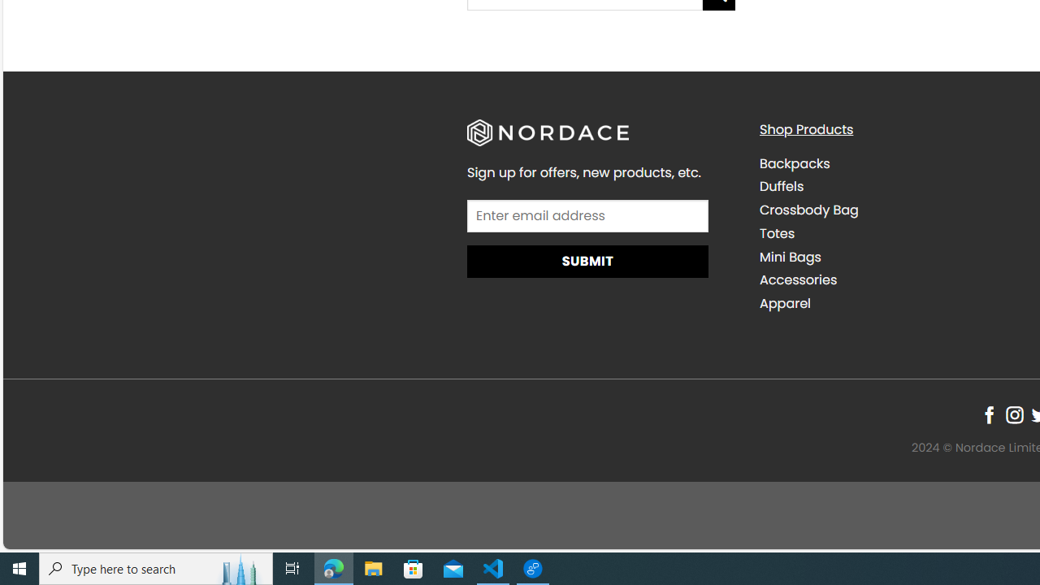 This screenshot has width=1040, height=585. Describe the element at coordinates (587, 260) in the screenshot. I see `'Submit'` at that location.